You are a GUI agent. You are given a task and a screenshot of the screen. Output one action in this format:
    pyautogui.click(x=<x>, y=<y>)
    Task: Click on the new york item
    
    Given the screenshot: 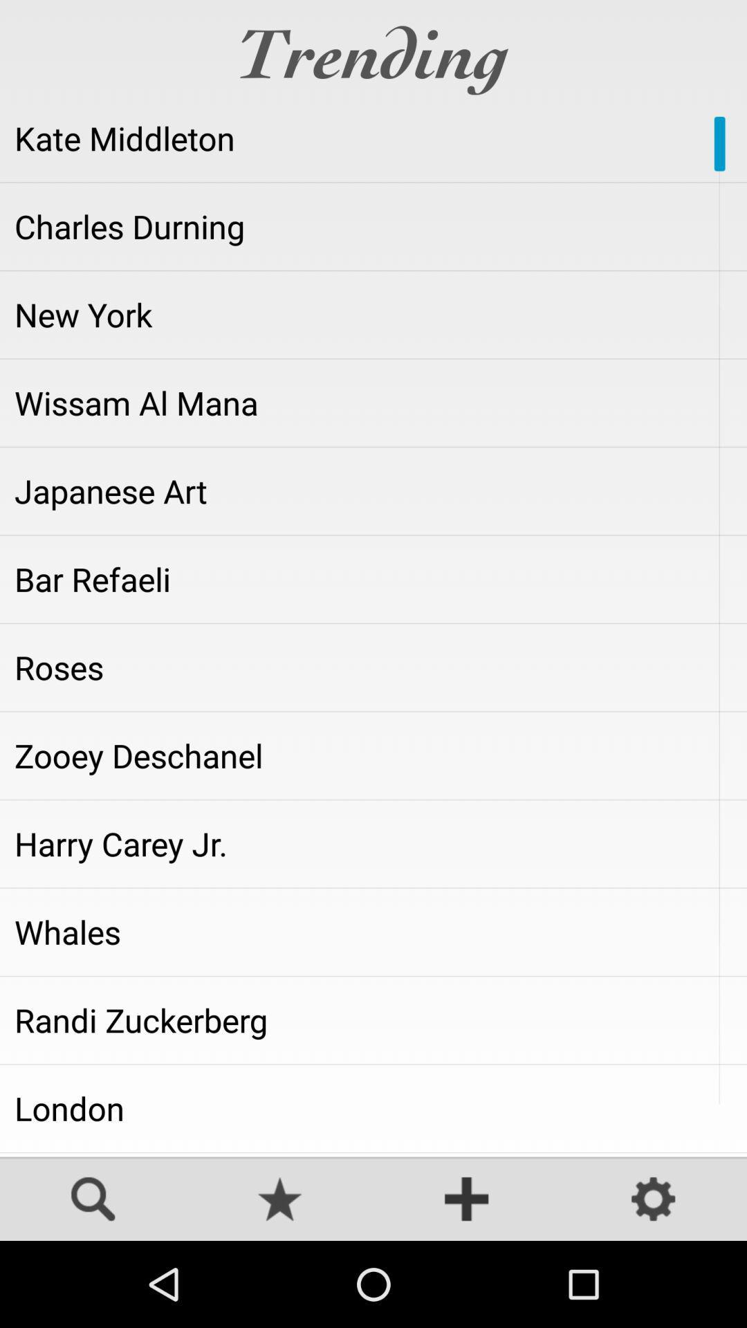 What is the action you would take?
    pyautogui.click(x=373, y=314)
    